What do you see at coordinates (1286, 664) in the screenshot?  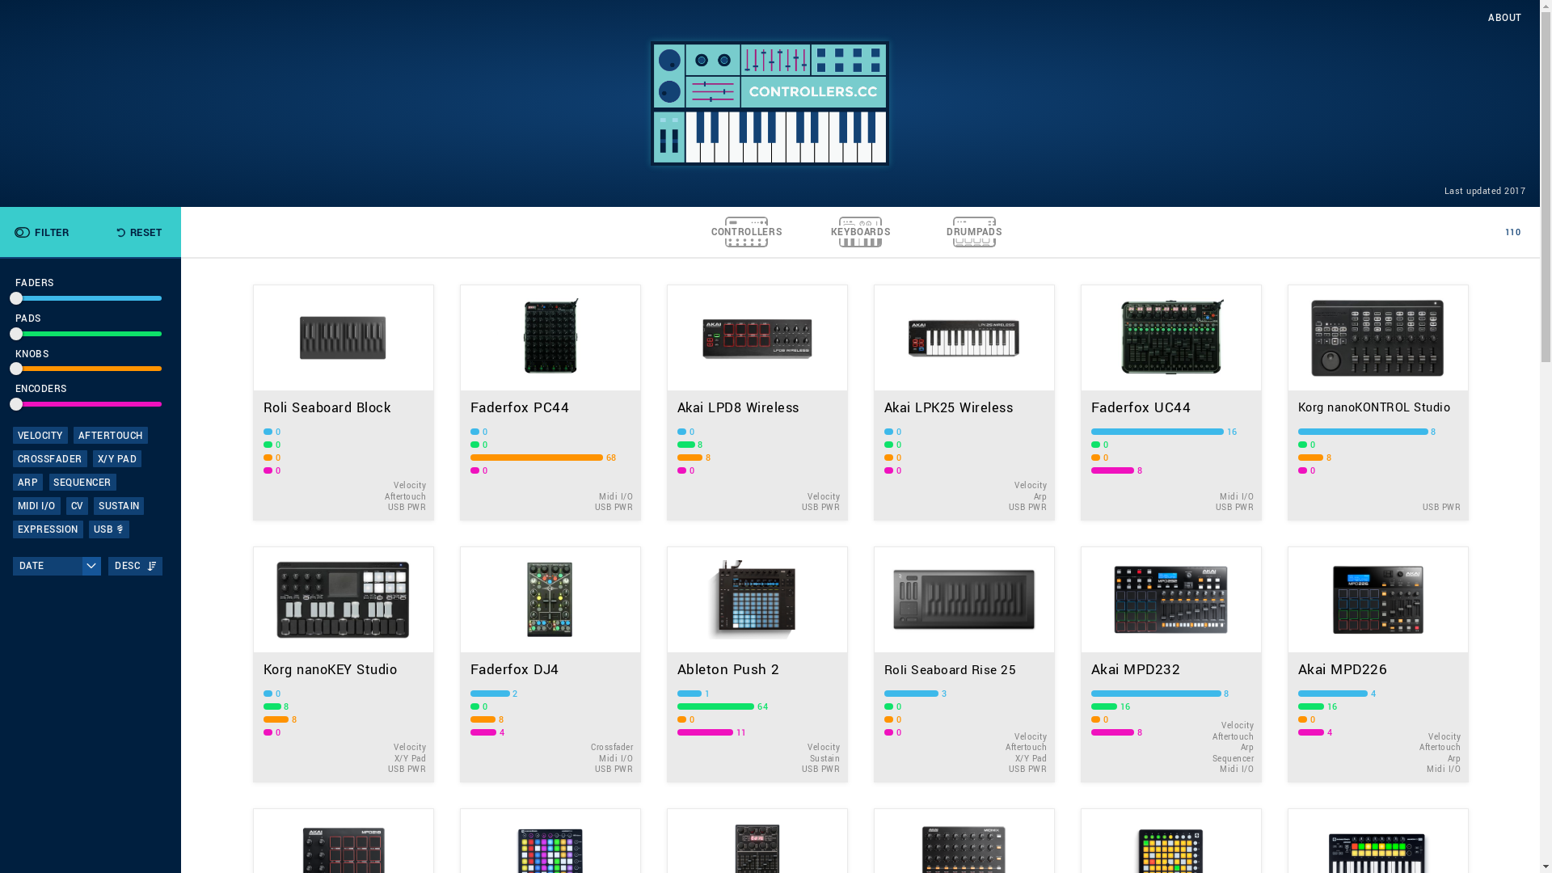 I see `'Akai MPD226` at bounding box center [1286, 664].